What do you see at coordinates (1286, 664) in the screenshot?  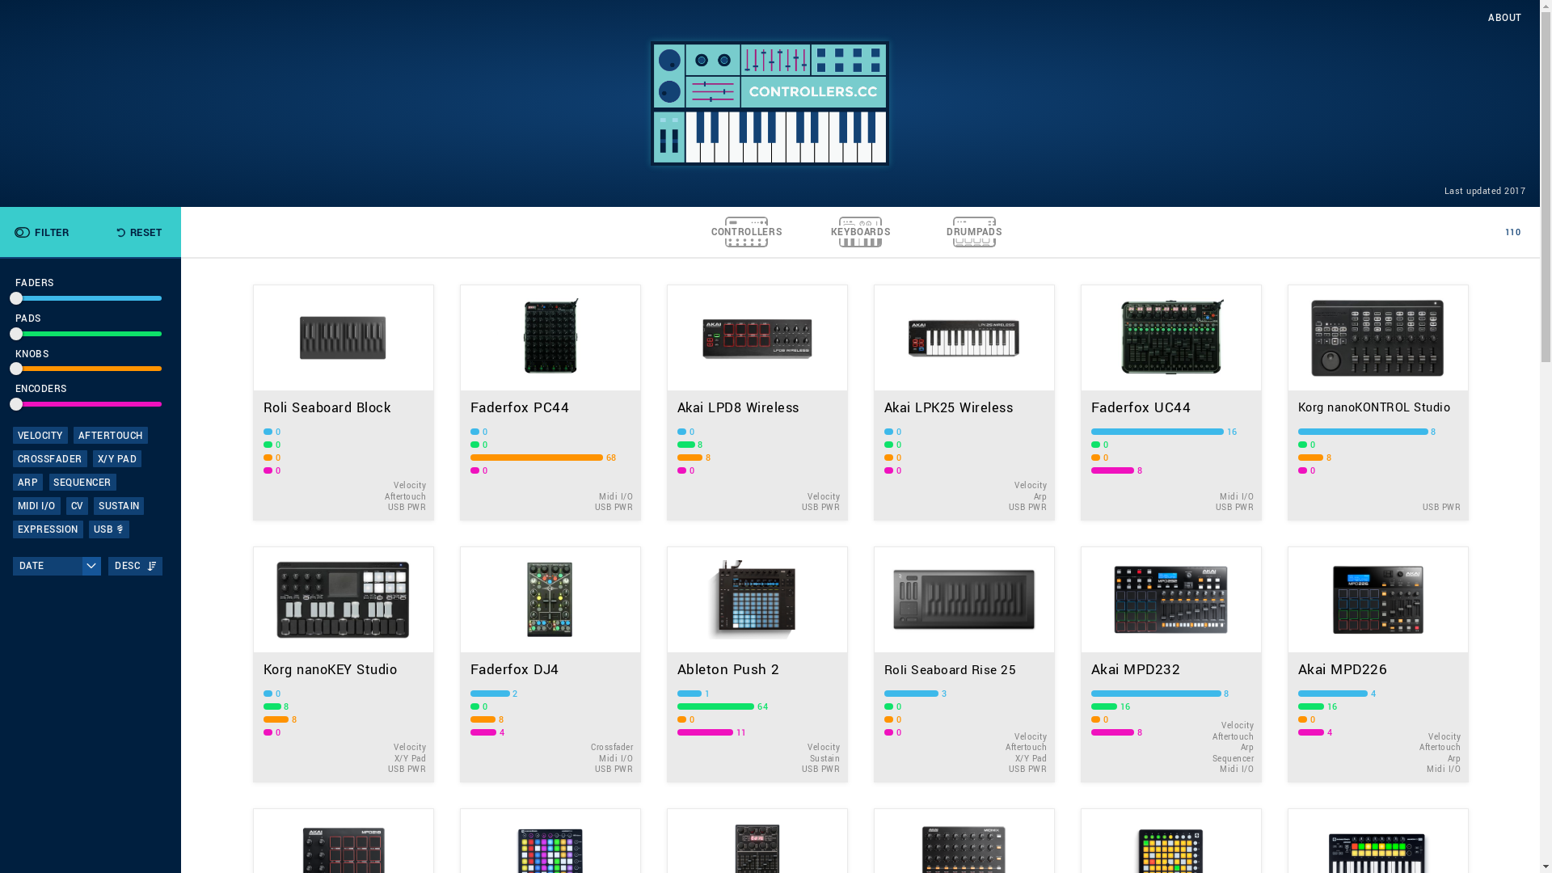 I see `'Akai MPD226` at bounding box center [1286, 664].